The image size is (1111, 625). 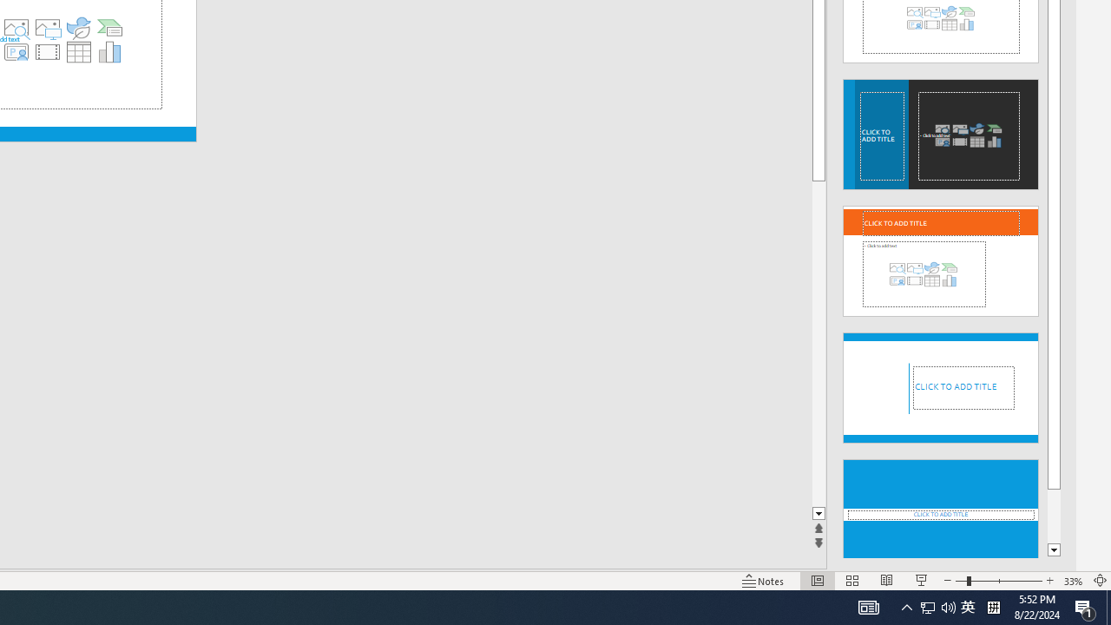 What do you see at coordinates (1073, 581) in the screenshot?
I see `'Zoom 33%'` at bounding box center [1073, 581].